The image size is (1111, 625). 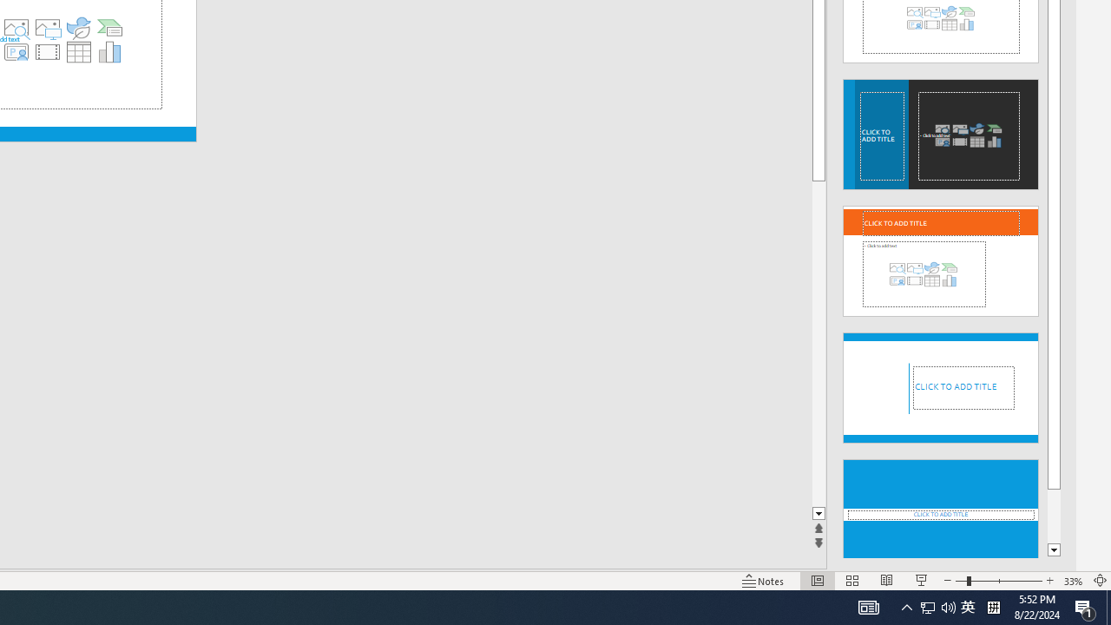 What do you see at coordinates (1073, 581) in the screenshot?
I see `'Zoom 33%'` at bounding box center [1073, 581].